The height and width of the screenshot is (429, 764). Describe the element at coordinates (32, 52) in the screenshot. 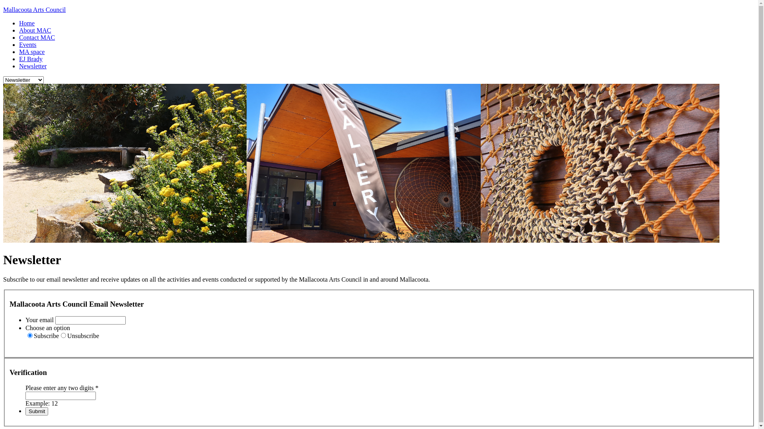

I see `'MA space'` at that location.